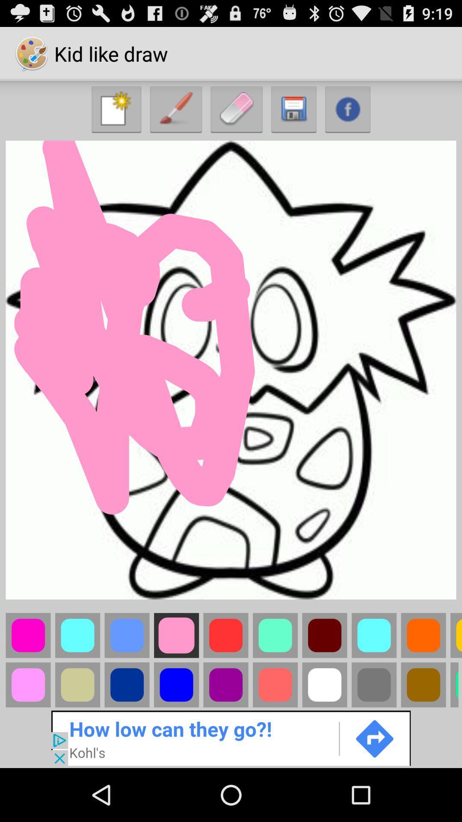  Describe the element at coordinates (116, 116) in the screenshot. I see `the launch icon` at that location.